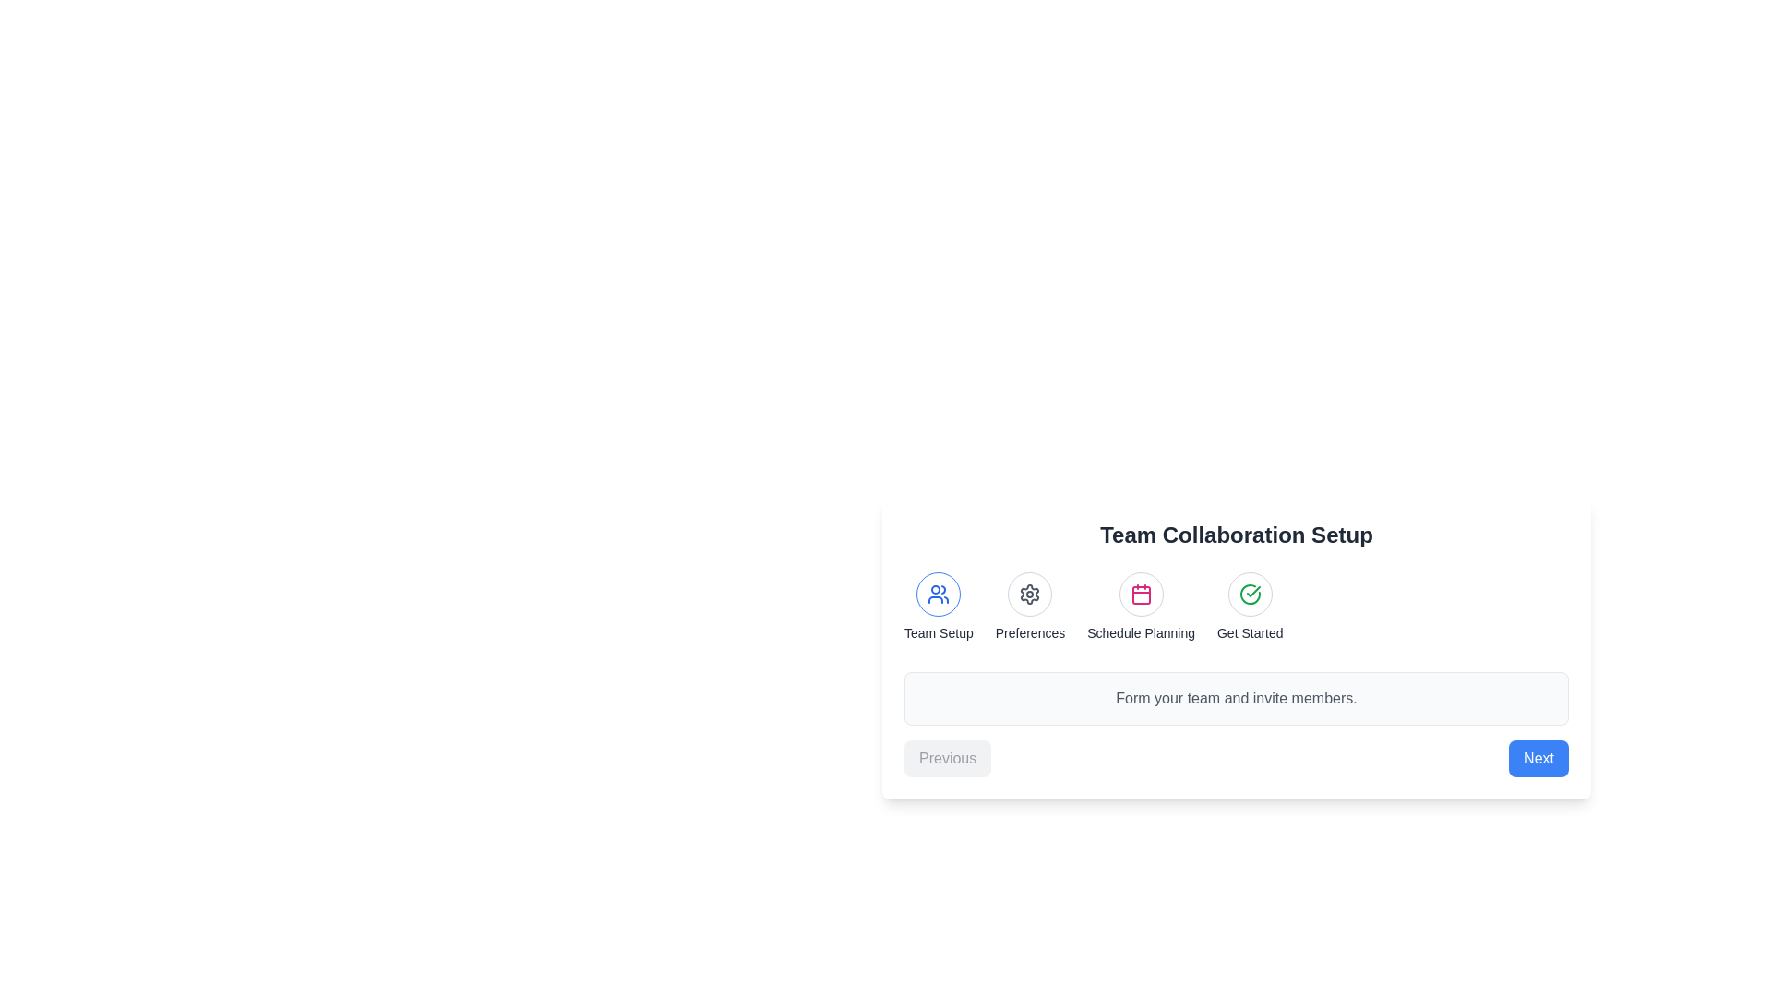 This screenshot has width=1772, height=997. I want to click on the fourth icon from the left in the 'Get Started' group, which visually indicates a successful or completed state, so click(1250, 595).